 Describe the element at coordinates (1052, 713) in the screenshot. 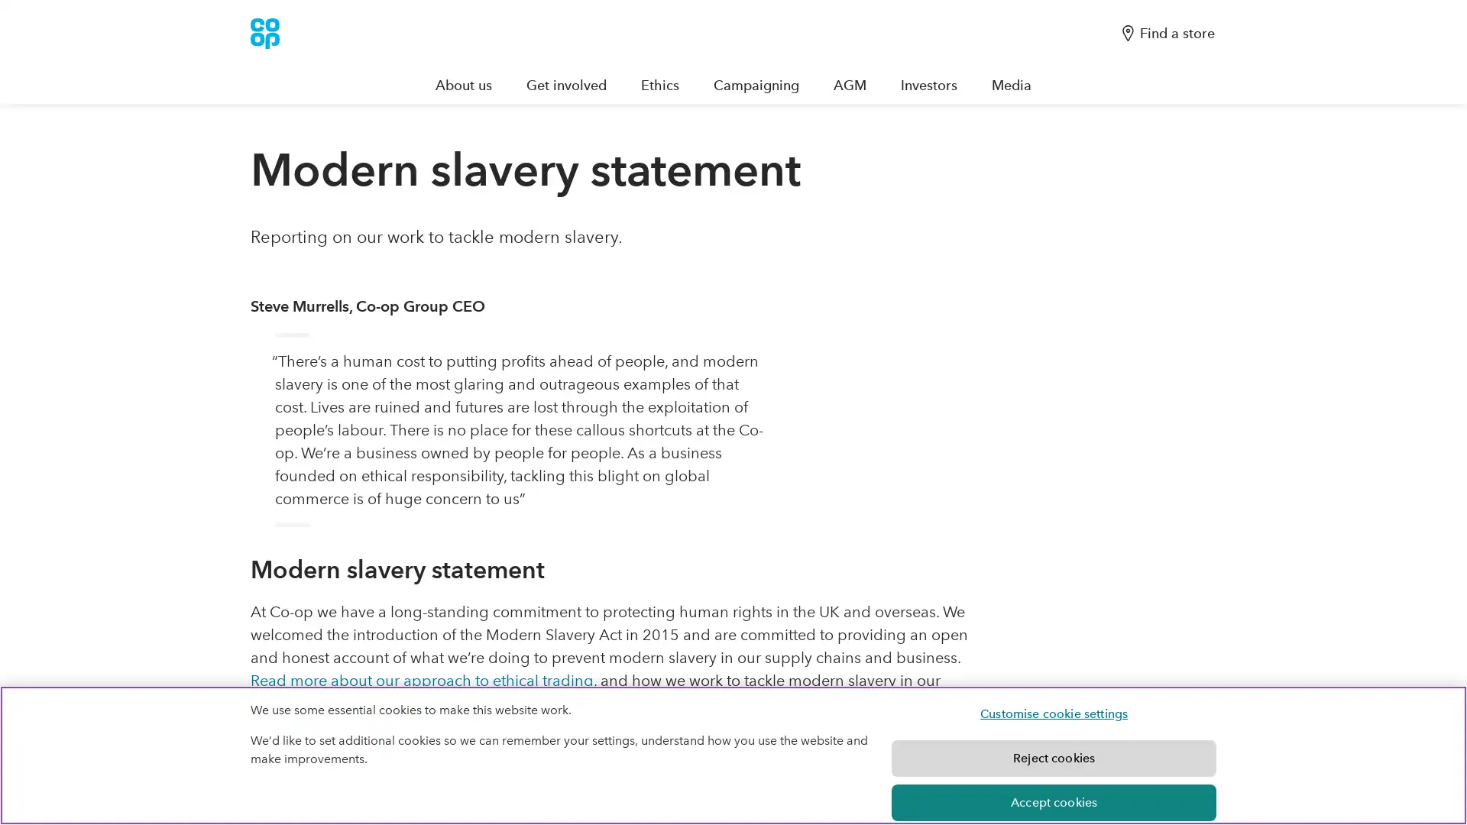

I see `Customise cookie settings` at that location.